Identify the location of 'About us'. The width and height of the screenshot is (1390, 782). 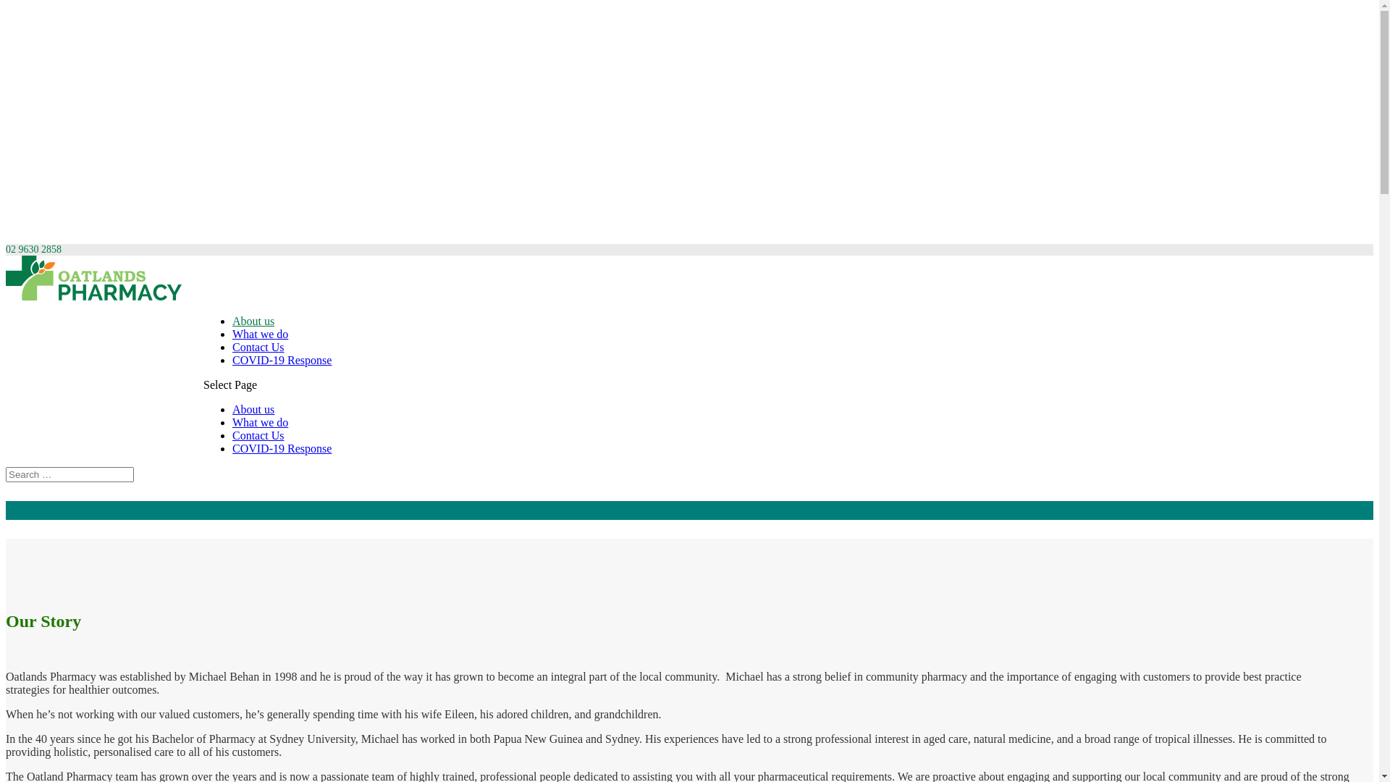
(253, 320).